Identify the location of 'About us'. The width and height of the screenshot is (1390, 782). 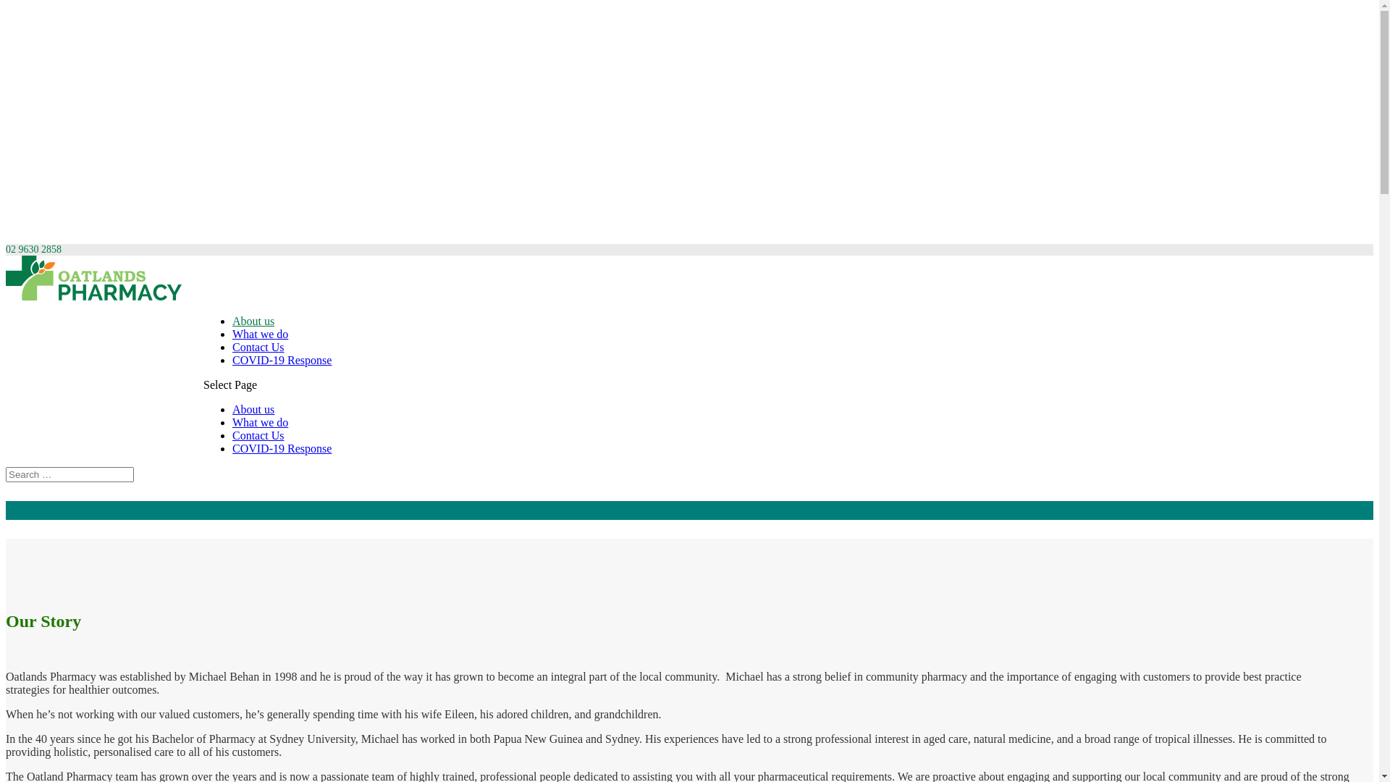
(253, 320).